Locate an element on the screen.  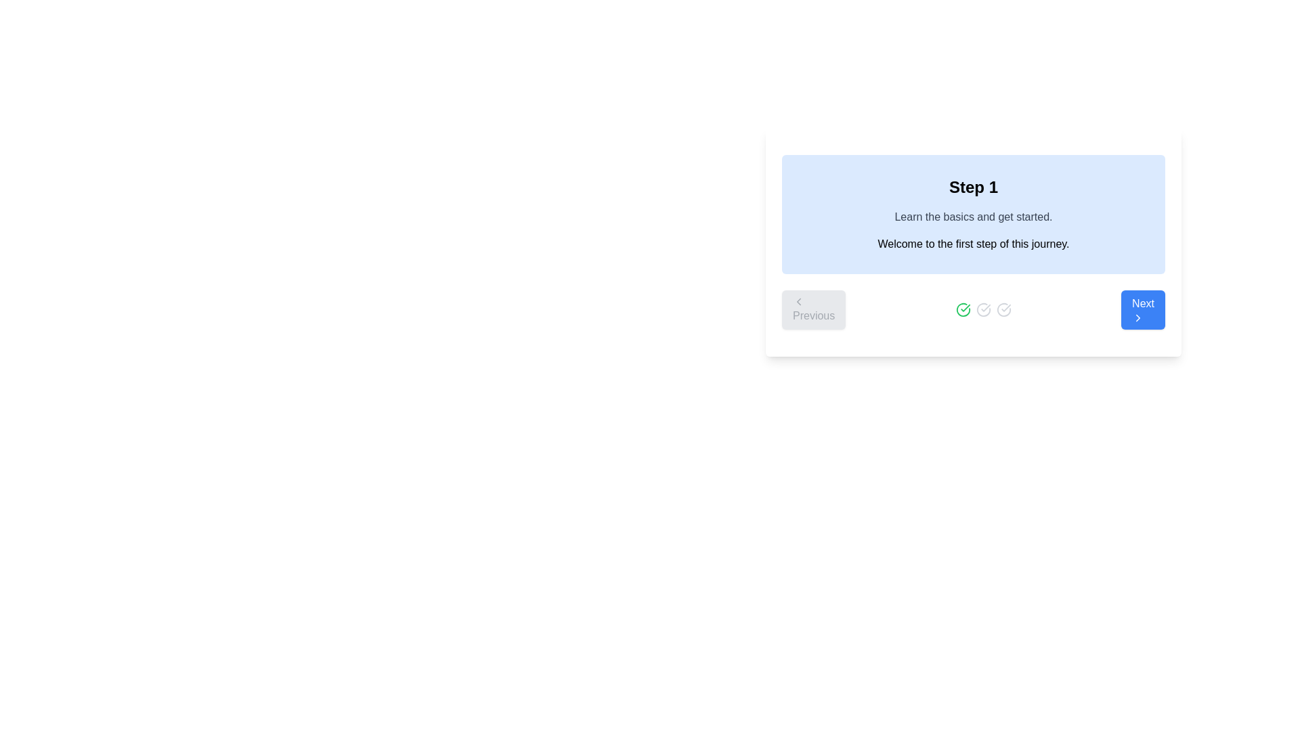
the informational box that provides a brief description and welcomes the user to the process, positioned above the navigation section containing 'Previous' and 'Next' buttons is located at coordinates (973, 213).